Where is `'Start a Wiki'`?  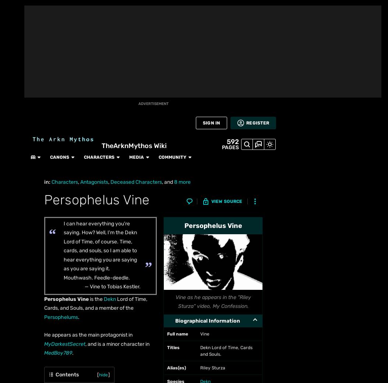 'Start a Wiki' is located at coordinates (12, 264).